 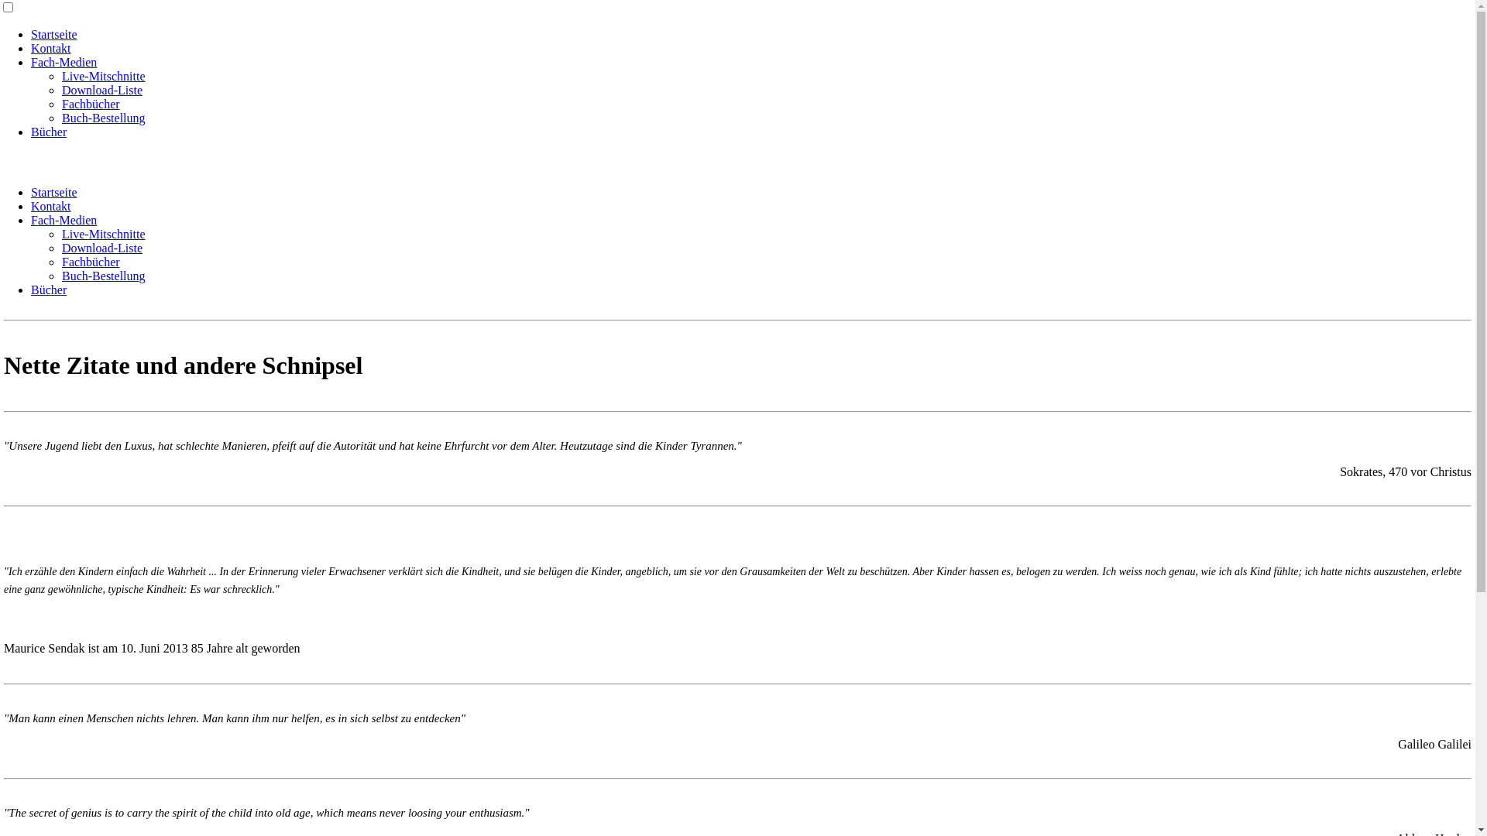 What do you see at coordinates (51, 47) in the screenshot?
I see `'Kontakt'` at bounding box center [51, 47].